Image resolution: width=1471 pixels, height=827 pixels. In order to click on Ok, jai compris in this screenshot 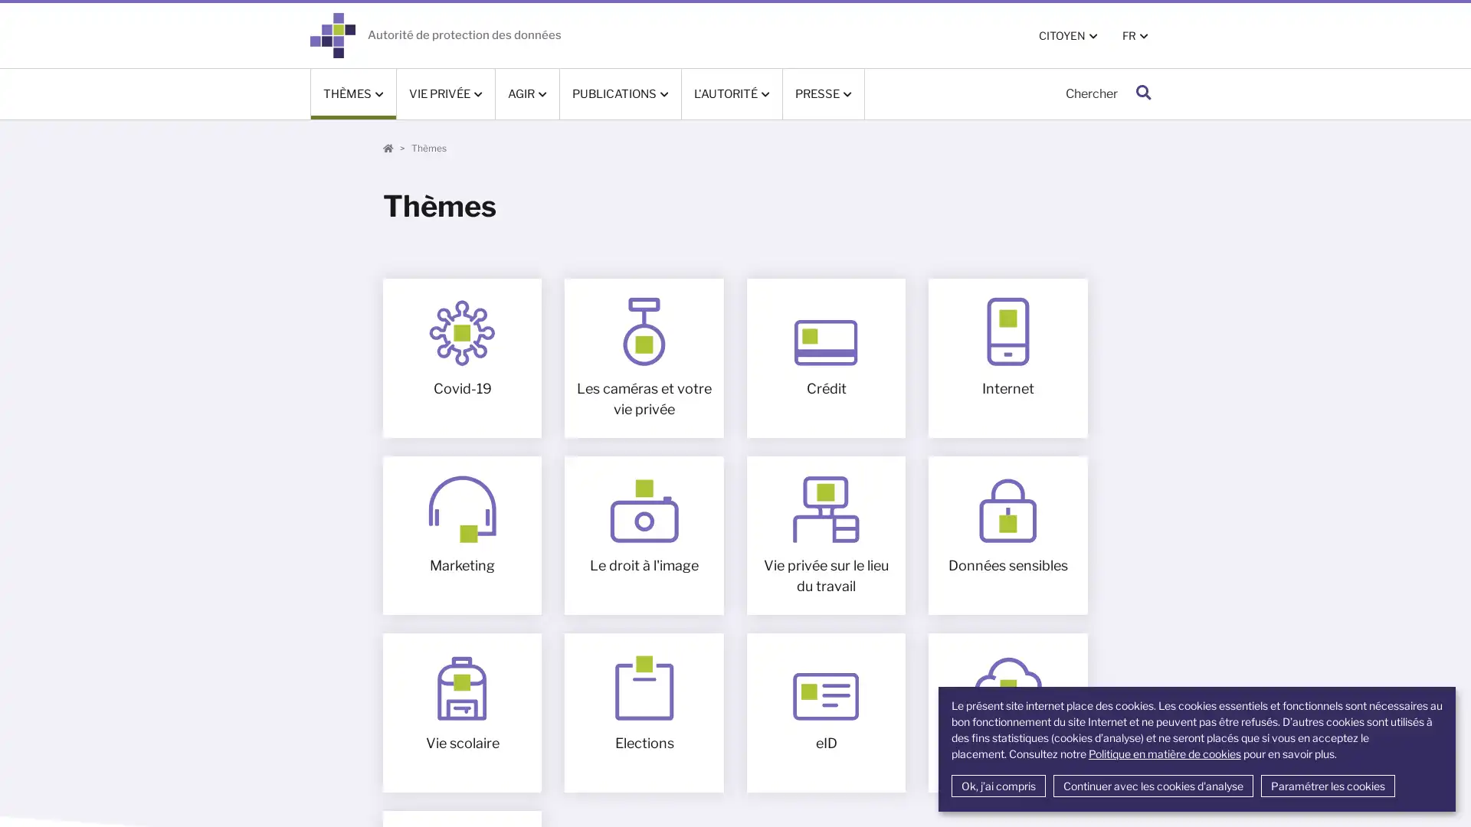, I will do `click(998, 786)`.